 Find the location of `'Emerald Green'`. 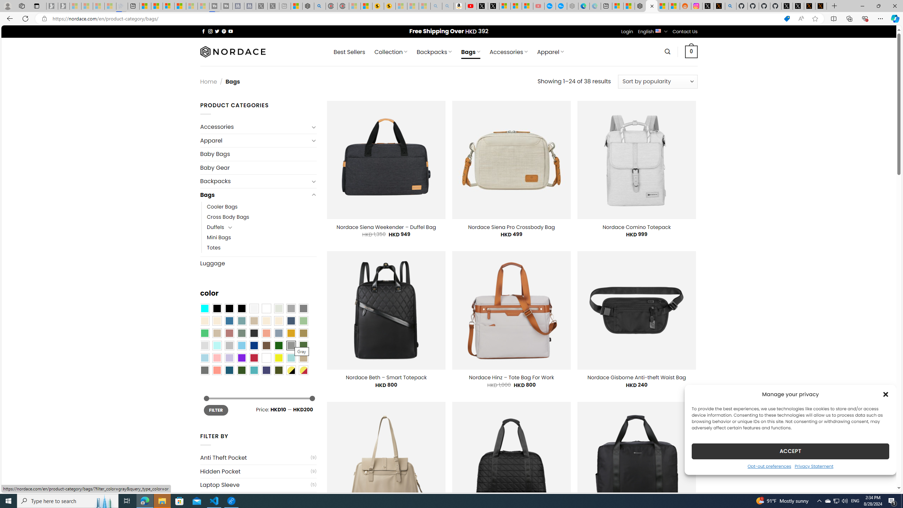

'Emerald Green' is located at coordinates (204, 333).